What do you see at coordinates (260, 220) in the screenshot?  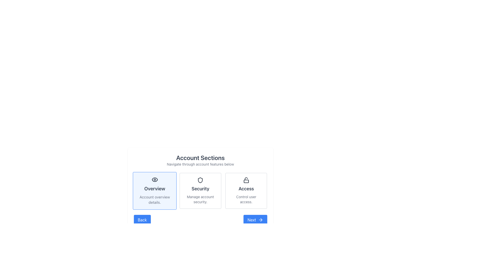 I see `the arrow icon located at the far right of the 'Next' button` at bounding box center [260, 220].